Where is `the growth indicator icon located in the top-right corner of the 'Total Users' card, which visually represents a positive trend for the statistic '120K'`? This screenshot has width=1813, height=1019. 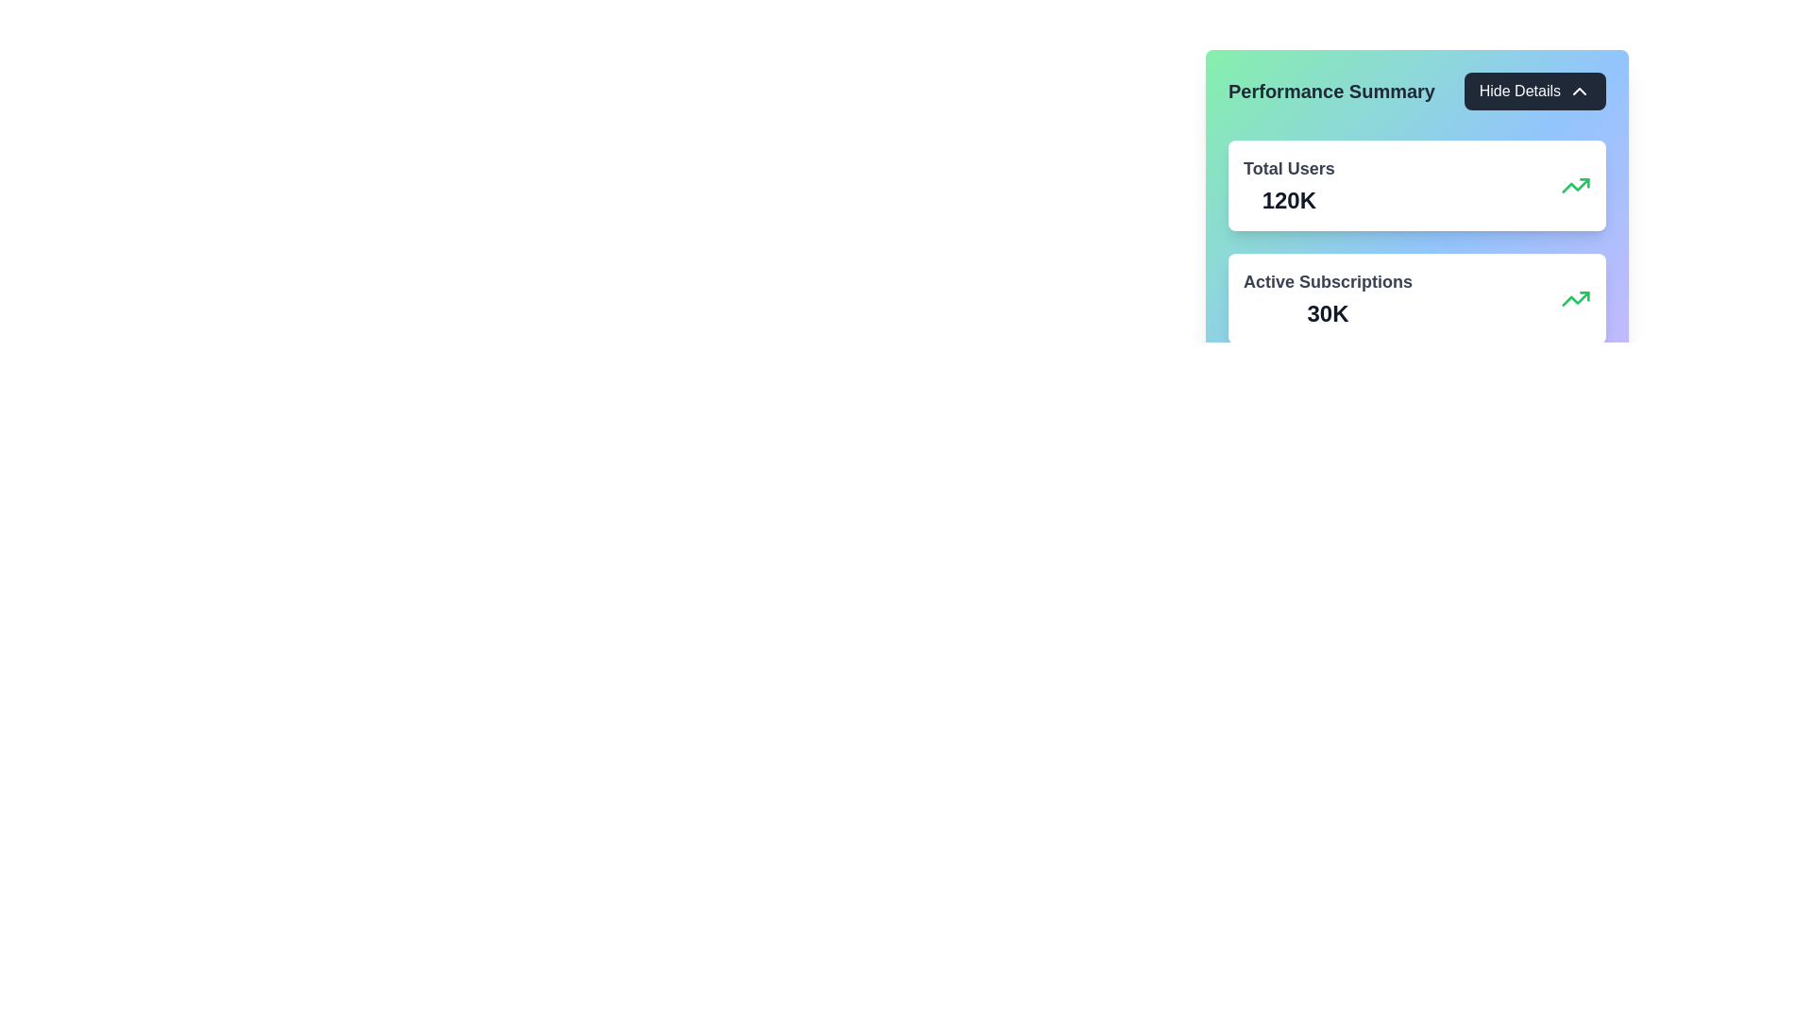 the growth indicator icon located in the top-right corner of the 'Total Users' card, which visually represents a positive trend for the statistic '120K' is located at coordinates (1576, 185).